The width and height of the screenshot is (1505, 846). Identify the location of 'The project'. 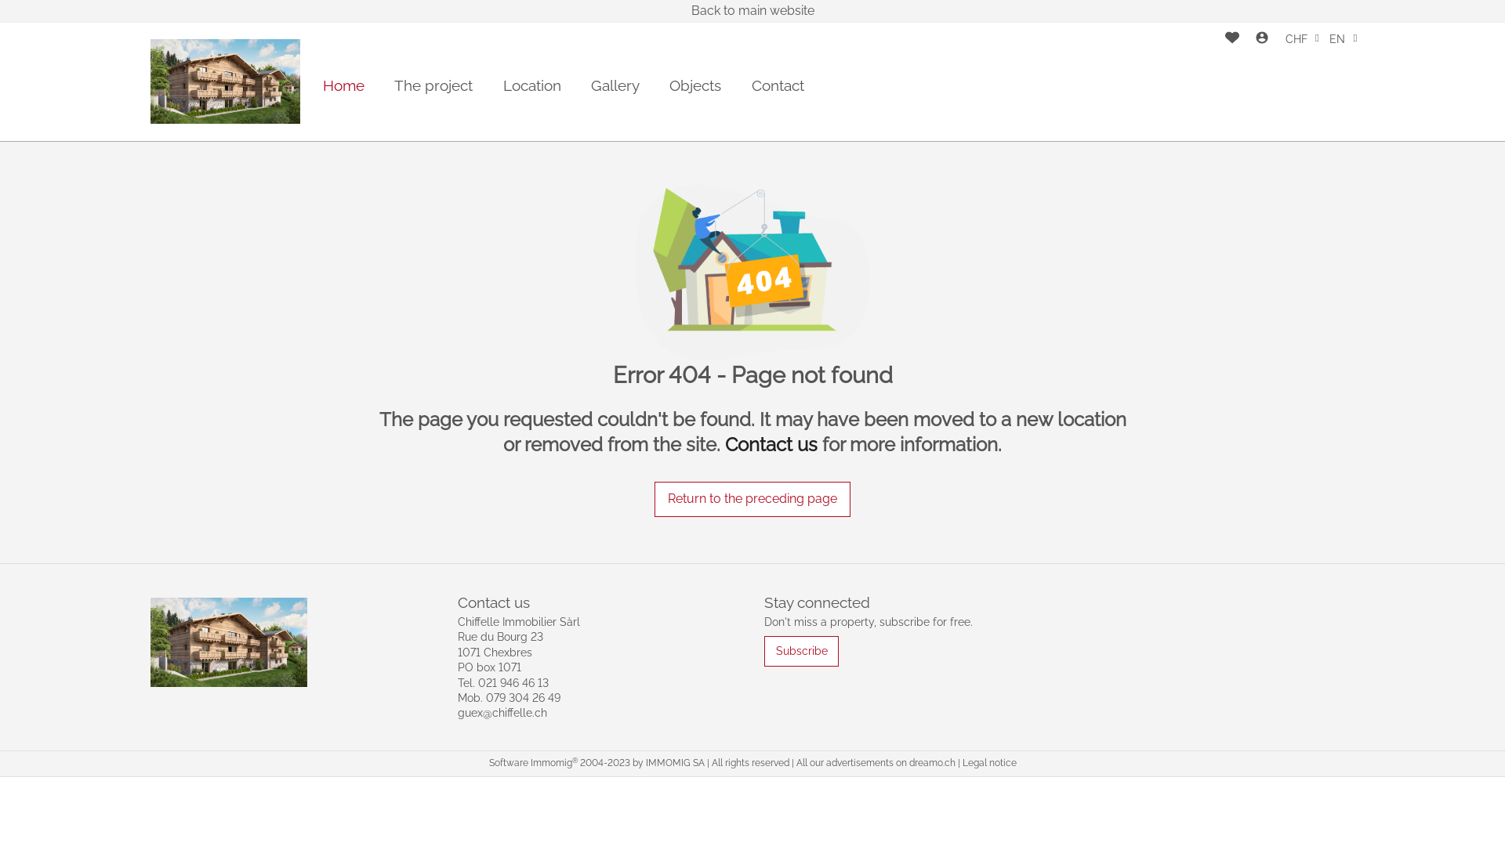
(394, 85).